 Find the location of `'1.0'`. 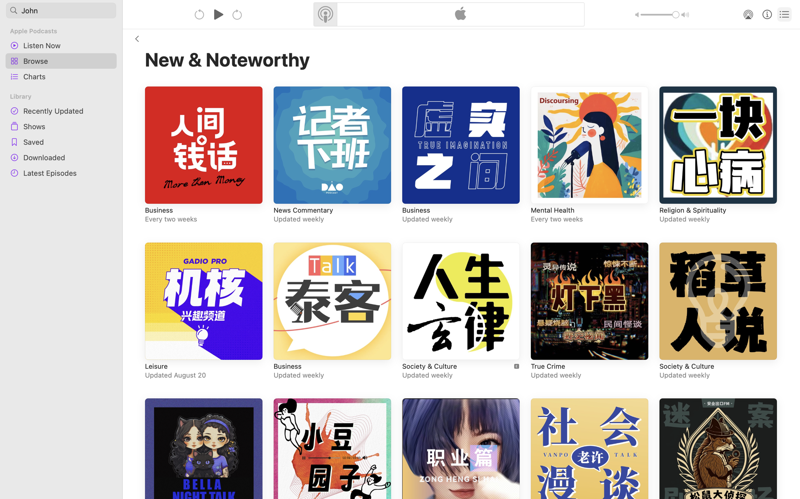

'1.0' is located at coordinates (660, 15).